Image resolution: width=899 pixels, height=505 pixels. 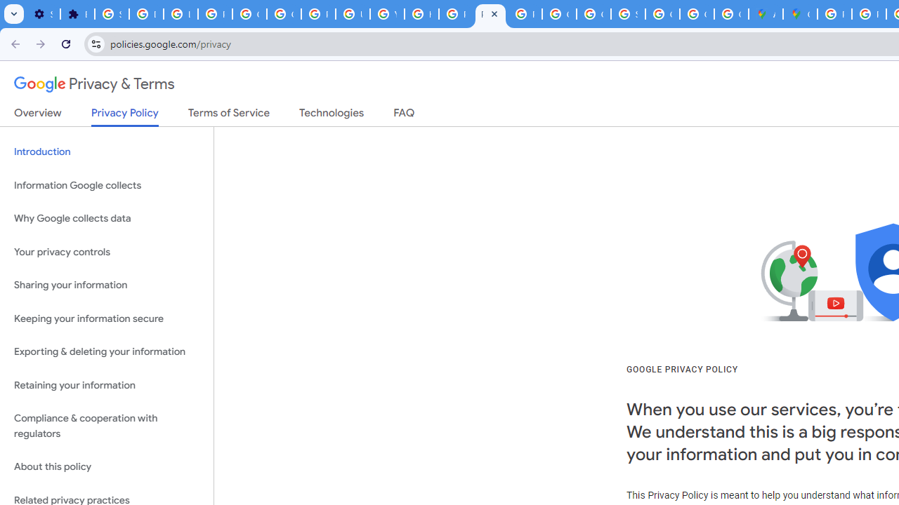 I want to click on 'YouTube', so click(x=387, y=14).